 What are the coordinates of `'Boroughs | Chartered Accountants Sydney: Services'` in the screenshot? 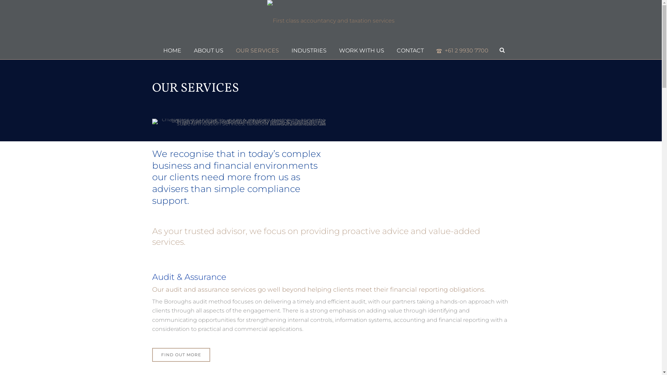 It's located at (239, 122).